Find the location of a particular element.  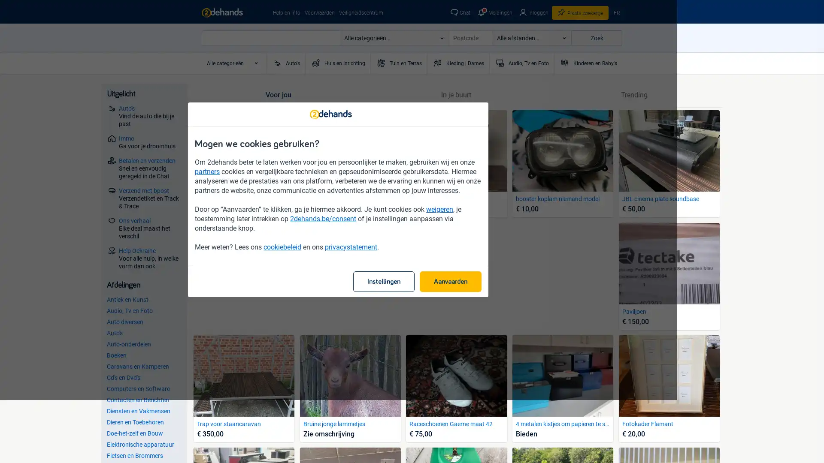

Meldingen is located at coordinates (494, 13).